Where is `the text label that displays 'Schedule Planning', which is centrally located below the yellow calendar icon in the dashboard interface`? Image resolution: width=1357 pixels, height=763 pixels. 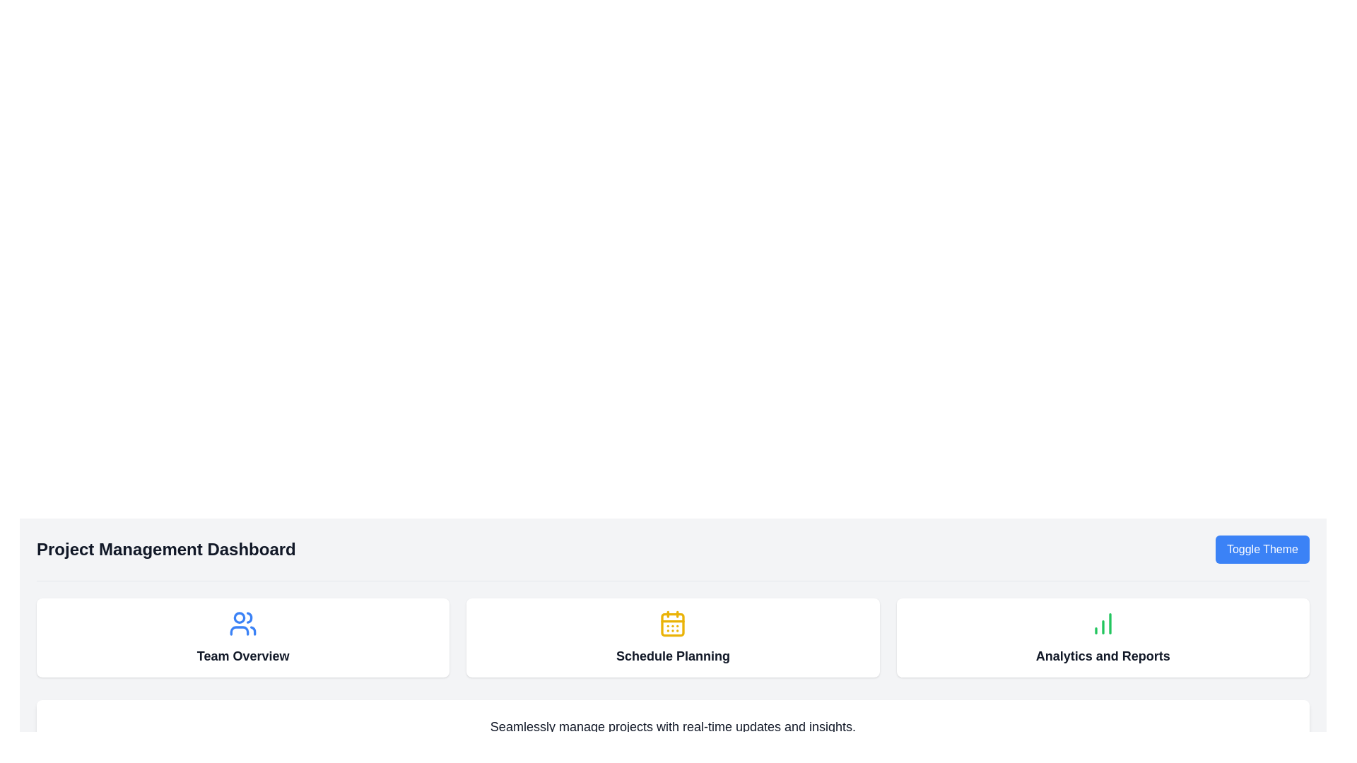 the text label that displays 'Schedule Planning', which is centrally located below the yellow calendar icon in the dashboard interface is located at coordinates (672, 656).